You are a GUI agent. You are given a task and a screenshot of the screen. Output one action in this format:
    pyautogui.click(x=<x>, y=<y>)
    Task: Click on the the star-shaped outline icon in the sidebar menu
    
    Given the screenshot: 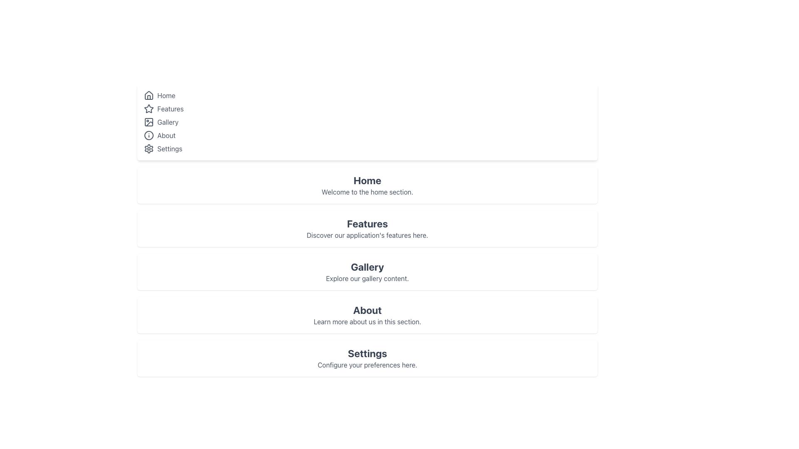 What is the action you would take?
    pyautogui.click(x=149, y=108)
    